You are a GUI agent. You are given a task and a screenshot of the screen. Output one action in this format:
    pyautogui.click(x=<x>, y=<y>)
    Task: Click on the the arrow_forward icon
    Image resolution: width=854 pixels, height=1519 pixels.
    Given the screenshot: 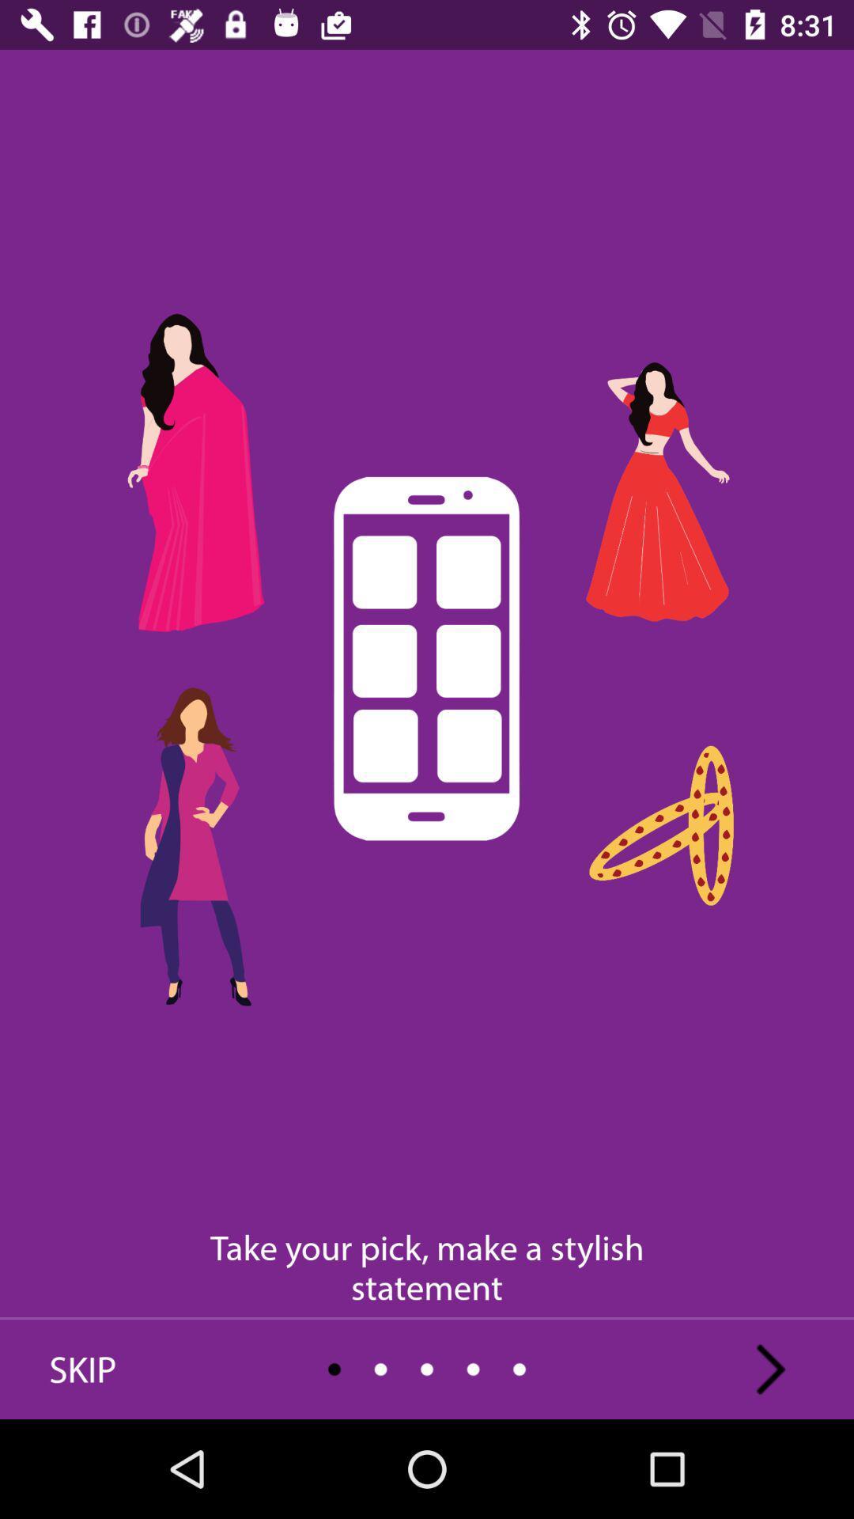 What is the action you would take?
    pyautogui.click(x=770, y=1369)
    